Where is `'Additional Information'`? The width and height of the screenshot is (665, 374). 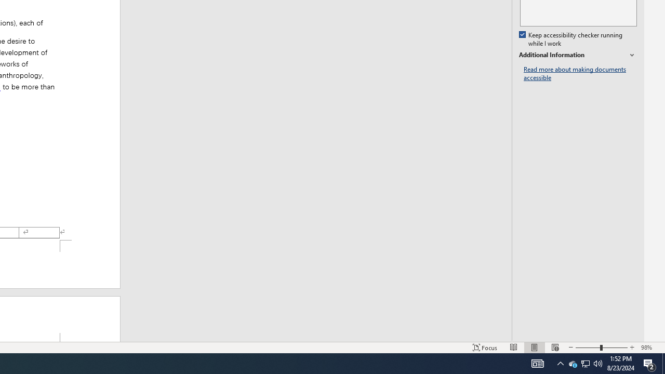
'Additional Information' is located at coordinates (577, 55).